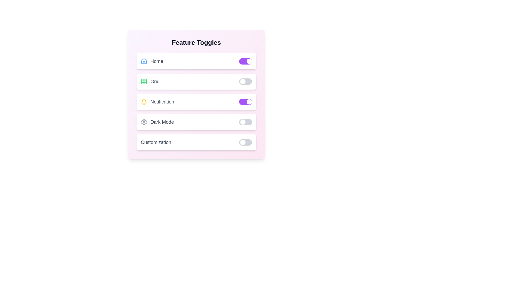 This screenshot has width=513, height=288. Describe the element at coordinates (152, 61) in the screenshot. I see `the 'Home' toggle feature label, which is the first element in the vertical list within the 'Feature Toggles' card` at that location.